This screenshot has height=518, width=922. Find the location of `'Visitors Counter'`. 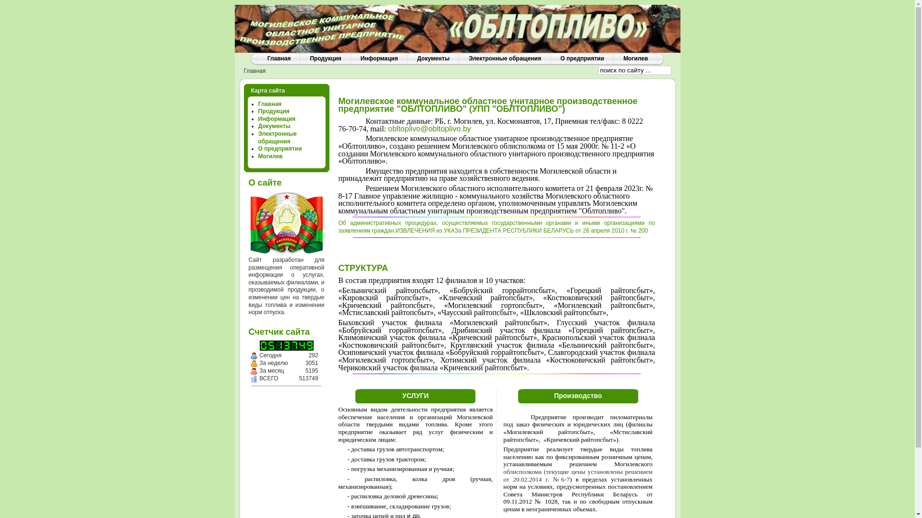

'Visitors Counter' is located at coordinates (254, 378).